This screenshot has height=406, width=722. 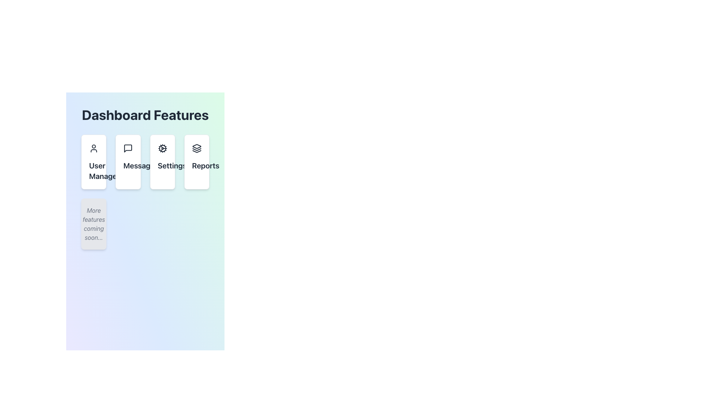 I want to click on the messaging icon located in the second card from the left in the 'Dashboard Features' section, so click(x=128, y=148).